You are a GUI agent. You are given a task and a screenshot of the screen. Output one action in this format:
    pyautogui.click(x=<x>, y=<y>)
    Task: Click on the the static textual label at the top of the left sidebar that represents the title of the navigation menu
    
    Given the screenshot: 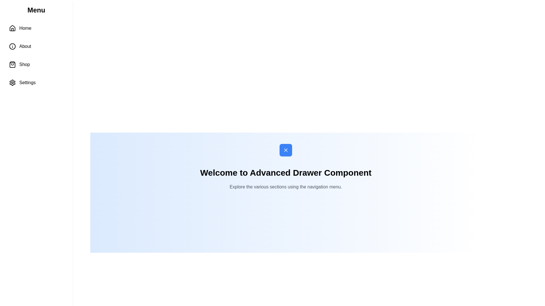 What is the action you would take?
    pyautogui.click(x=36, y=10)
    